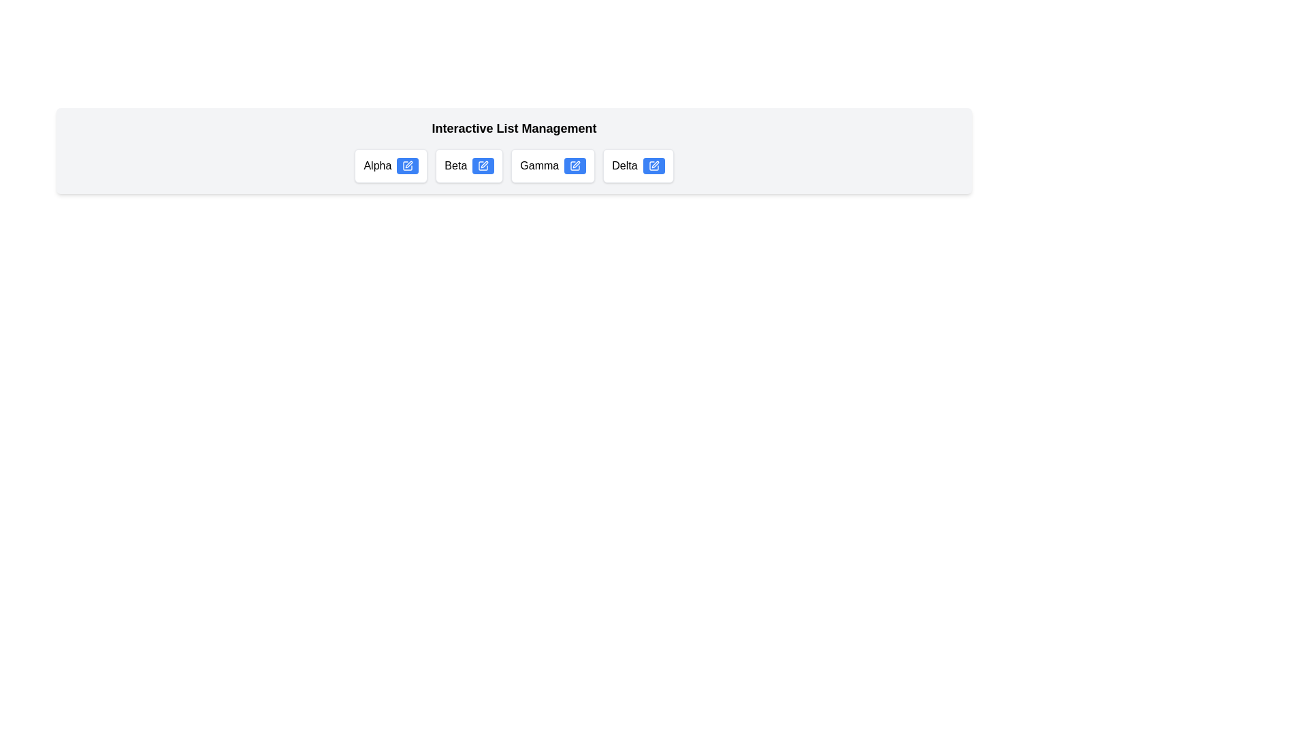  What do you see at coordinates (577, 164) in the screenshot?
I see `the pen icon within the outlined square inside the 'Gamma' button` at bounding box center [577, 164].